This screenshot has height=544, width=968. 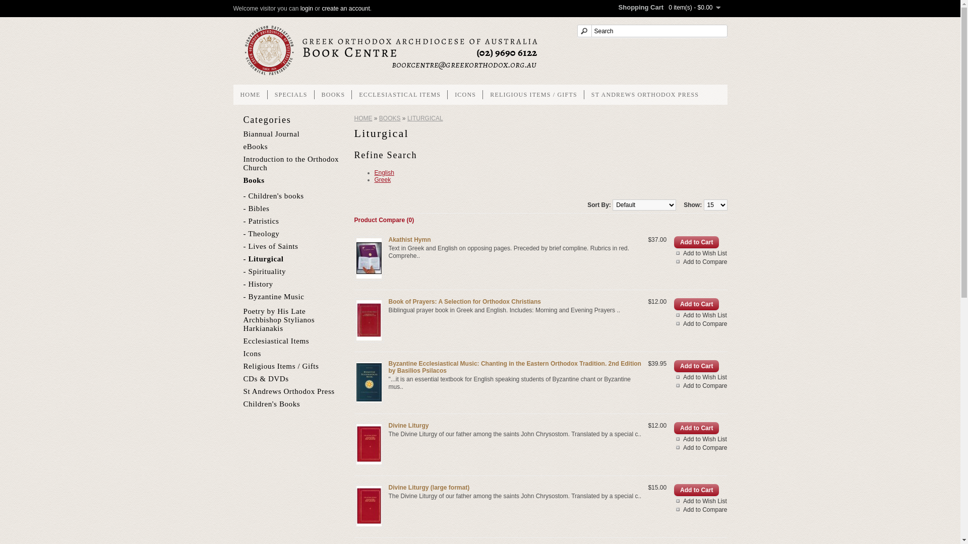 What do you see at coordinates (292, 196) in the screenshot?
I see `'- Children's books'` at bounding box center [292, 196].